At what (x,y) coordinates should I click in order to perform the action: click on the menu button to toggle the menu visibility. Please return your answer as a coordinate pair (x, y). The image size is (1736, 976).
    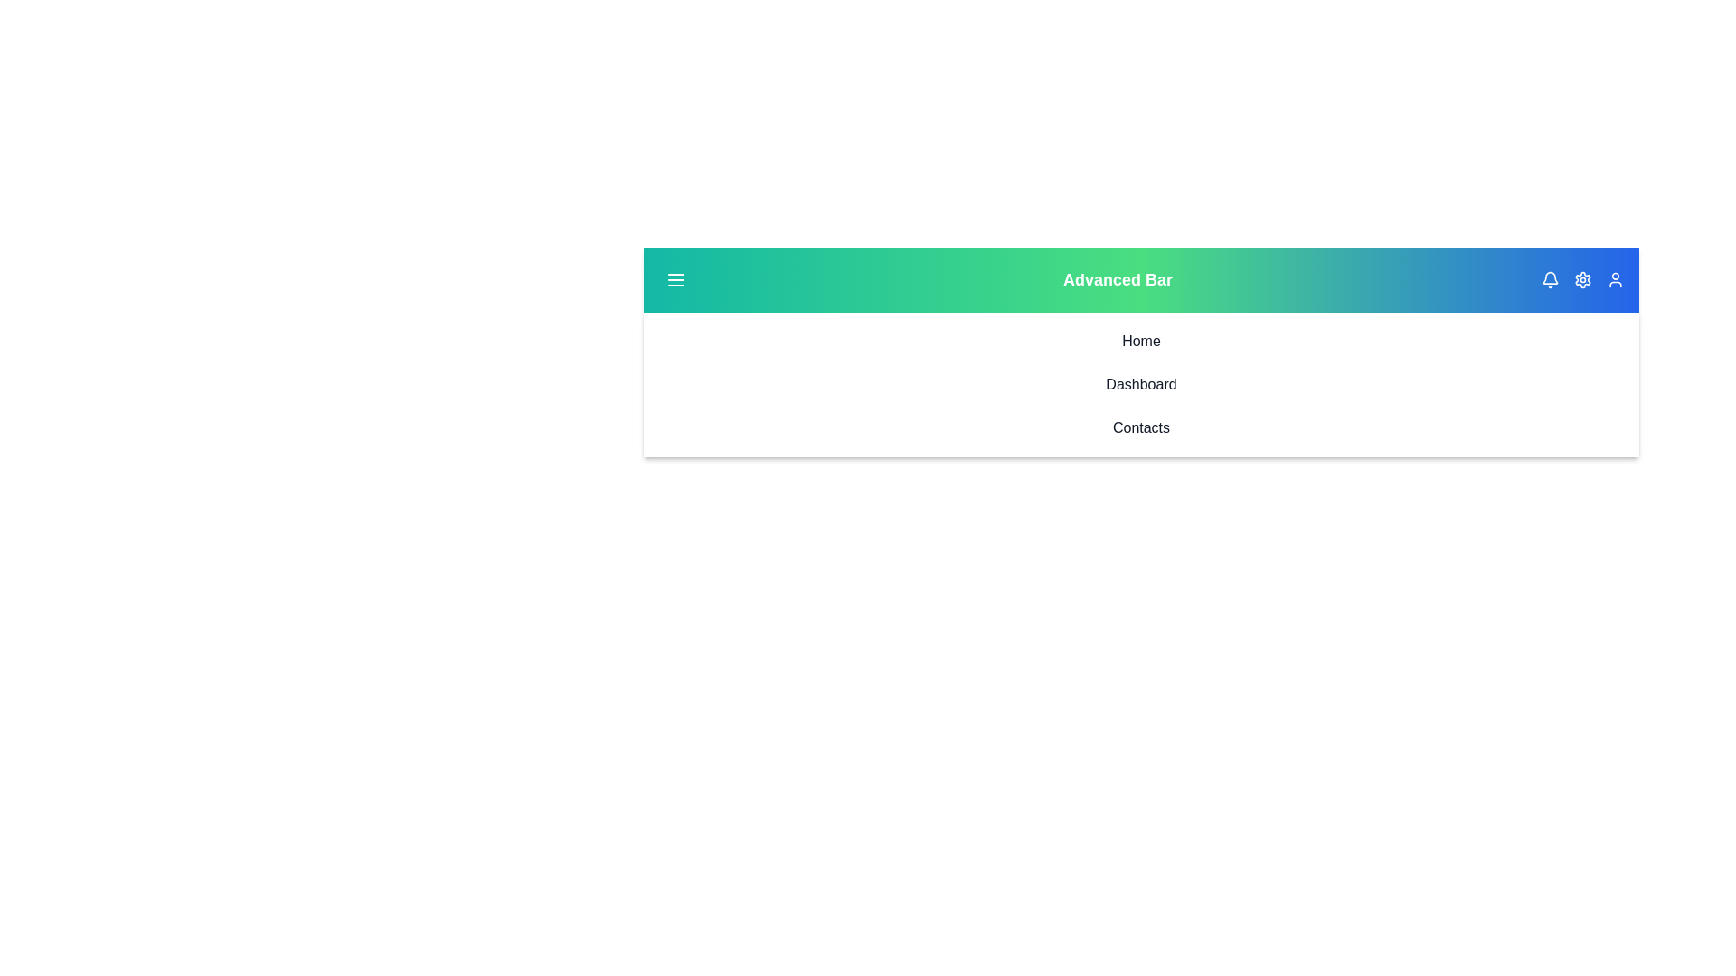
    Looking at the image, I should click on (675, 279).